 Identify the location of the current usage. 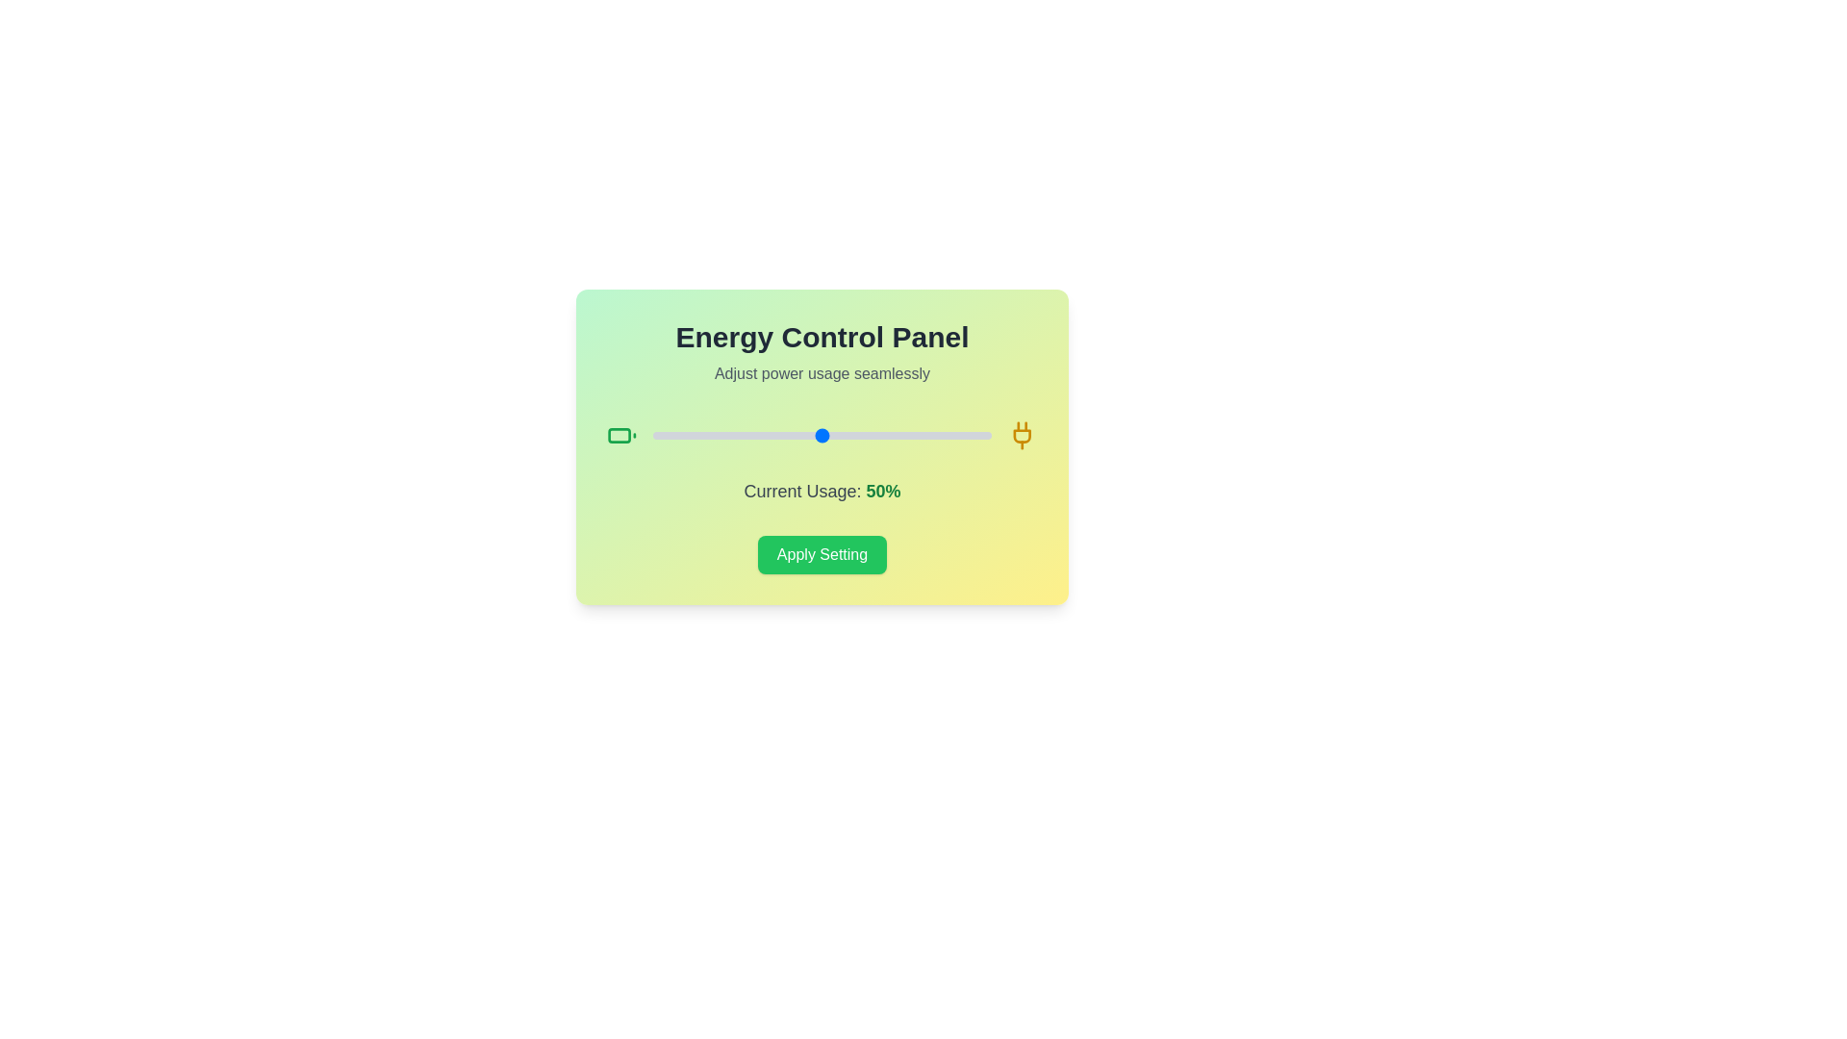
(736, 435).